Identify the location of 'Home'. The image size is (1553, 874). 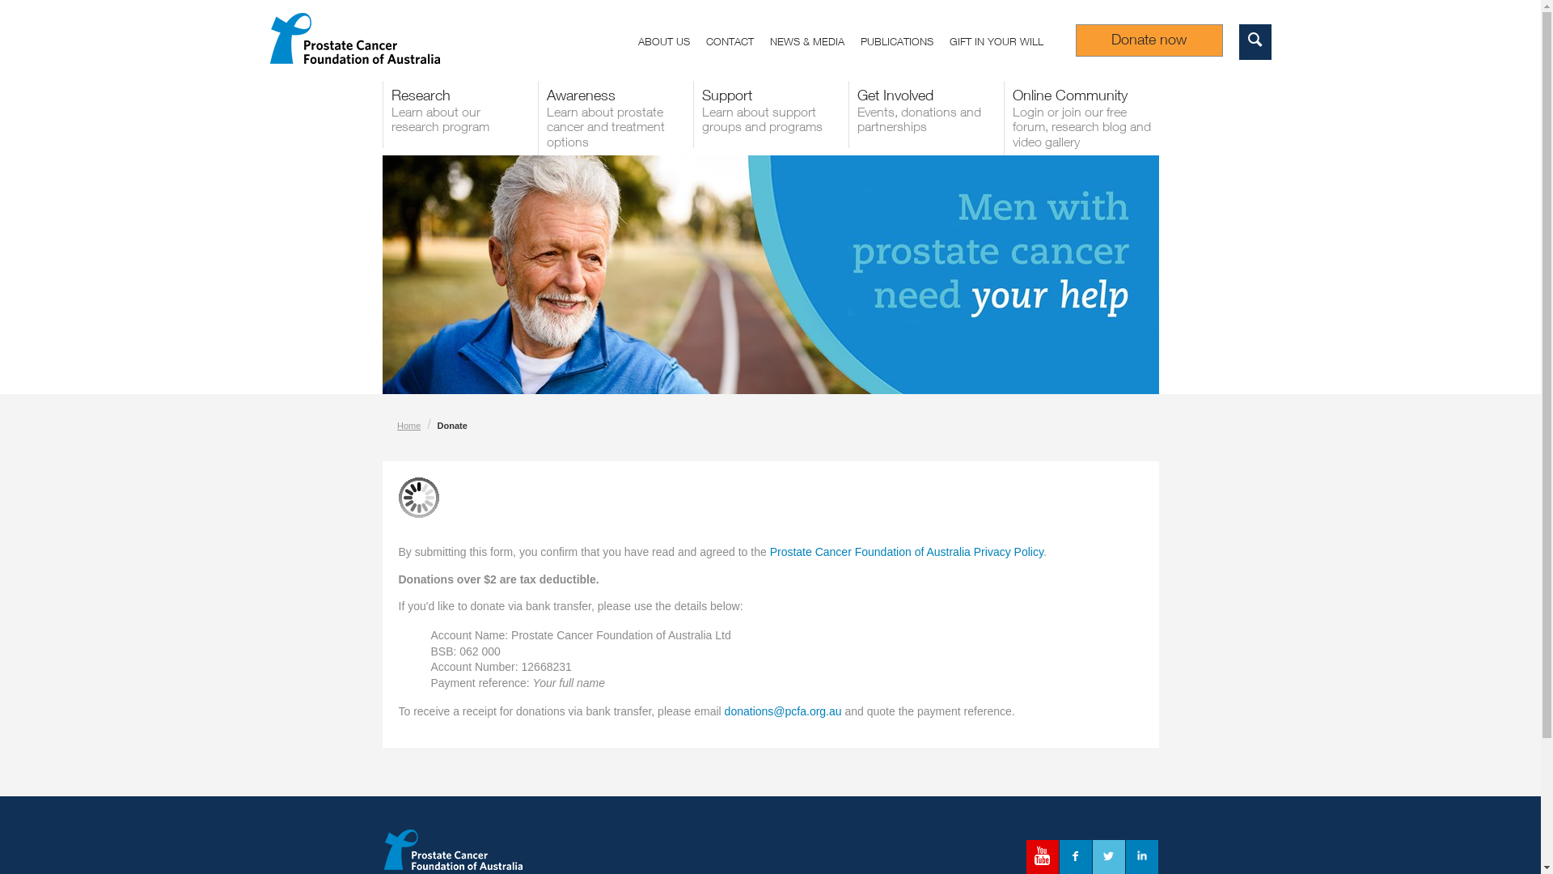
(408, 424).